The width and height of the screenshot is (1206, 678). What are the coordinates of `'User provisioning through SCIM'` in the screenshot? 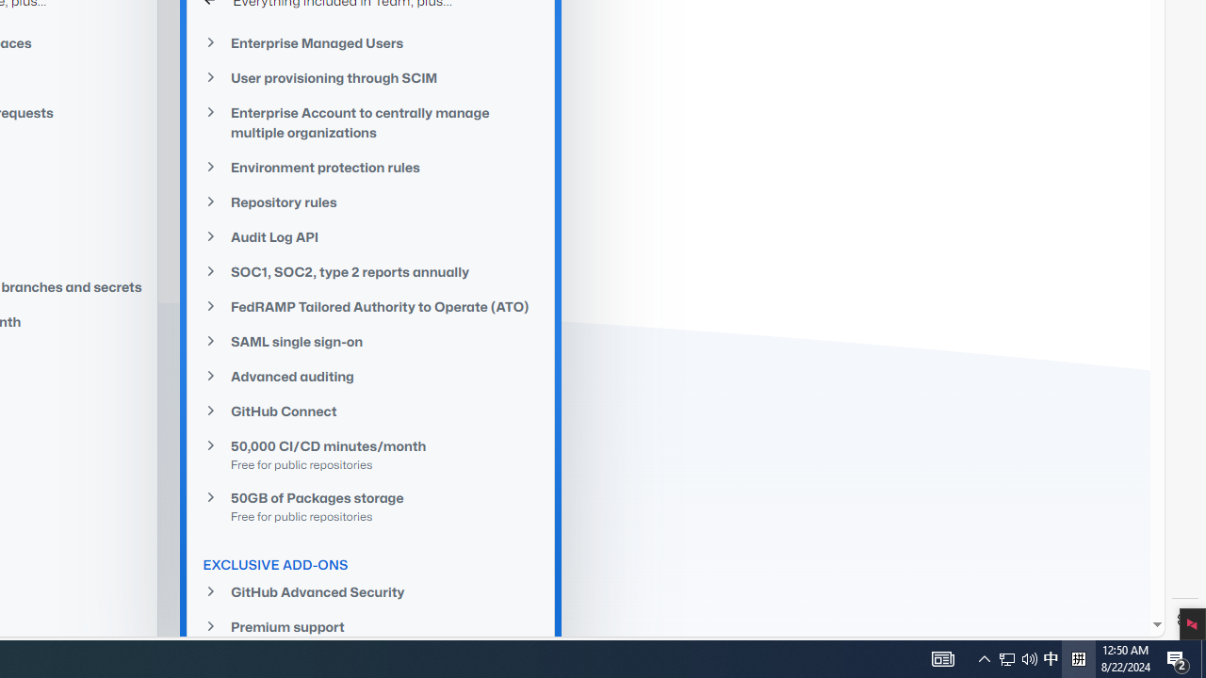 It's located at (371, 76).